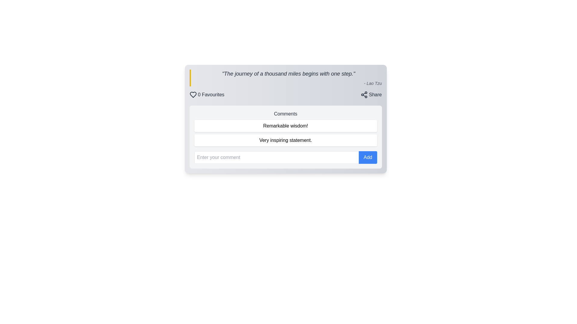 Image resolution: width=577 pixels, height=324 pixels. Describe the element at coordinates (211, 94) in the screenshot. I see `the Text label that displays the number of favorites (currently zero), located in the middle-left section of the interface below a motivational quote and near the left edge of the comment section, adjacent to the heart icon` at that location.